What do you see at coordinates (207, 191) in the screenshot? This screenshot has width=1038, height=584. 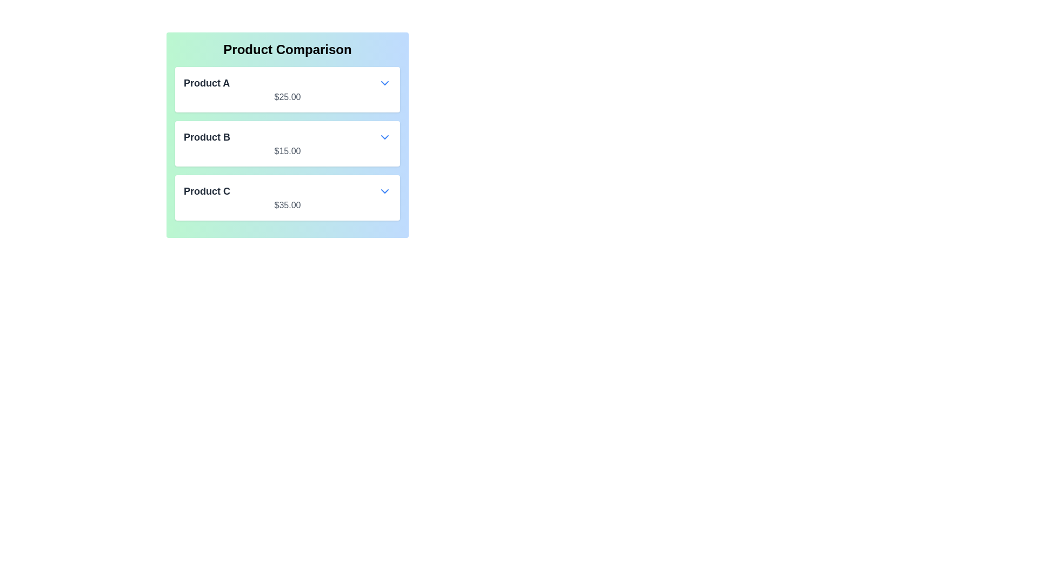 I see `the bold text label 'Product C'` at bounding box center [207, 191].